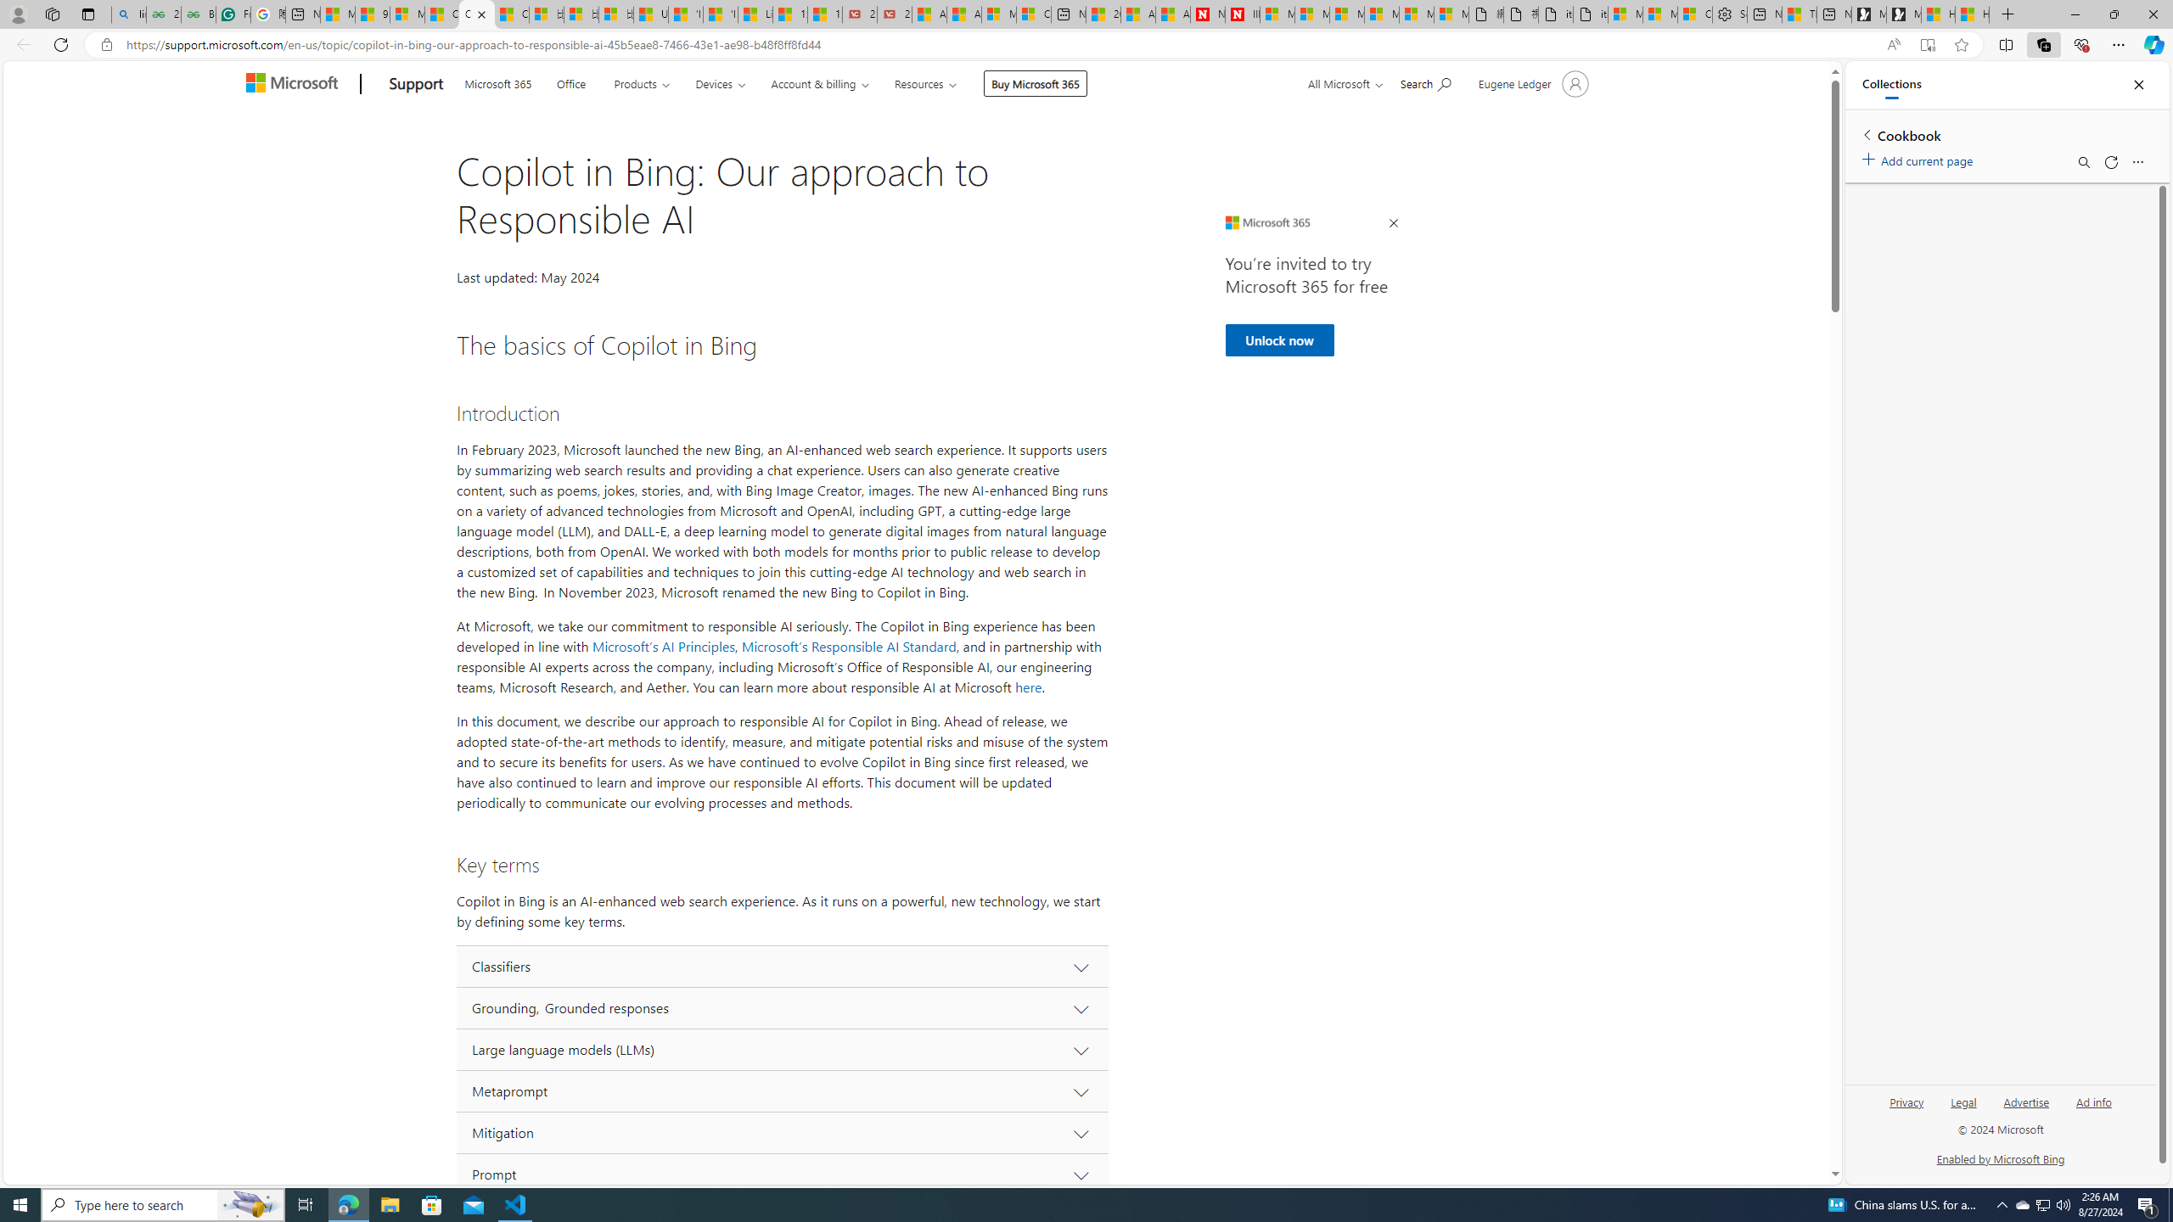 The image size is (2173, 1222). Describe the element at coordinates (163, 14) in the screenshot. I see `'25 Basic Linux Commands For Beginners - GeeksforGeeks'` at that location.